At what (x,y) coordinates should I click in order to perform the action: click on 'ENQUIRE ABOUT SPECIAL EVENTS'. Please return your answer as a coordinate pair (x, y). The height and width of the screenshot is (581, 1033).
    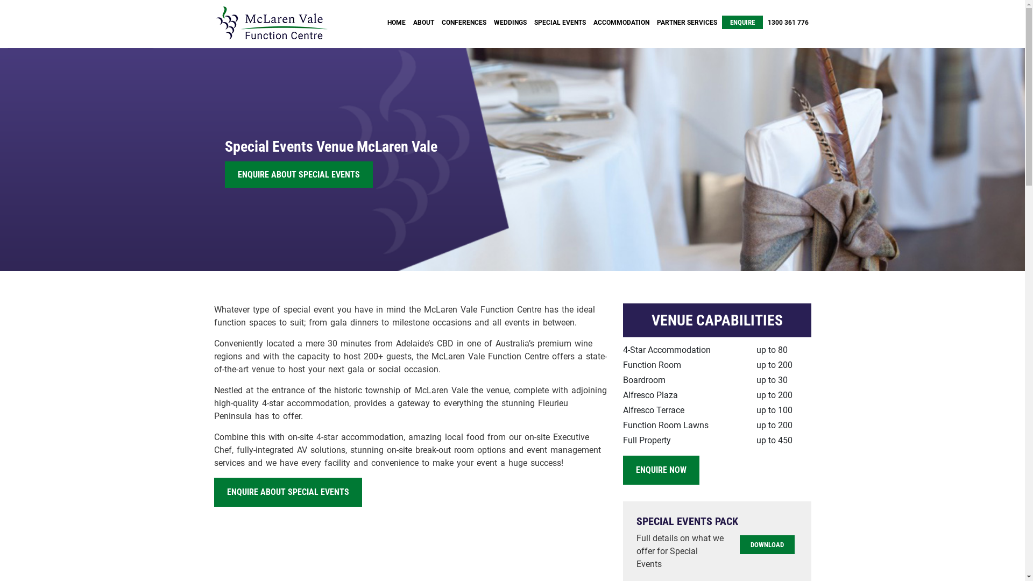
    Looking at the image, I should click on (288, 492).